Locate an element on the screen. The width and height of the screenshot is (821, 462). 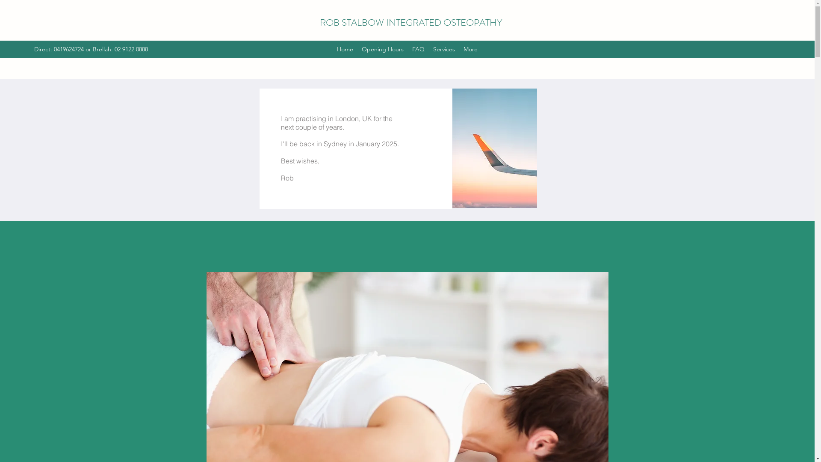
'Services' is located at coordinates (444, 49).